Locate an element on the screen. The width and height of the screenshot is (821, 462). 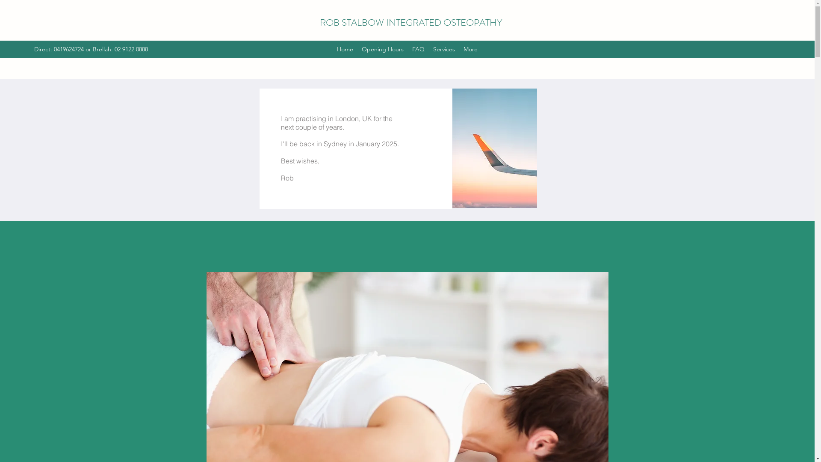
'Services' is located at coordinates (444, 49).